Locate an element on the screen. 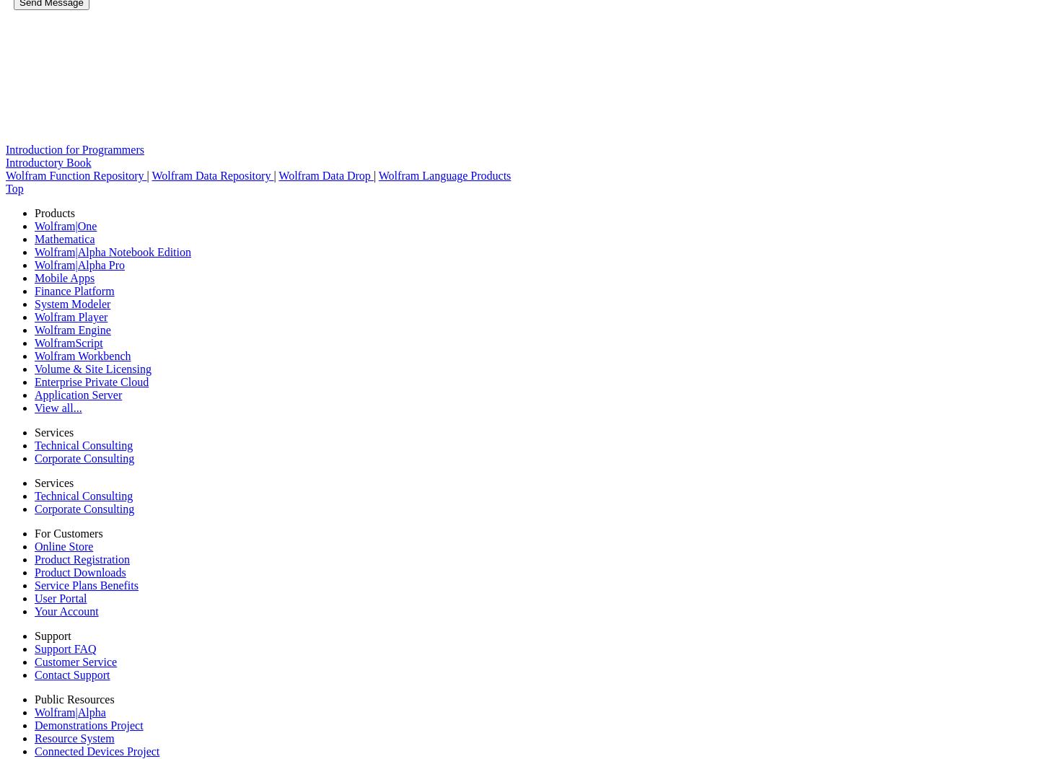 This screenshot has height=759, width=1039. 'Application Server' is located at coordinates (78, 395).